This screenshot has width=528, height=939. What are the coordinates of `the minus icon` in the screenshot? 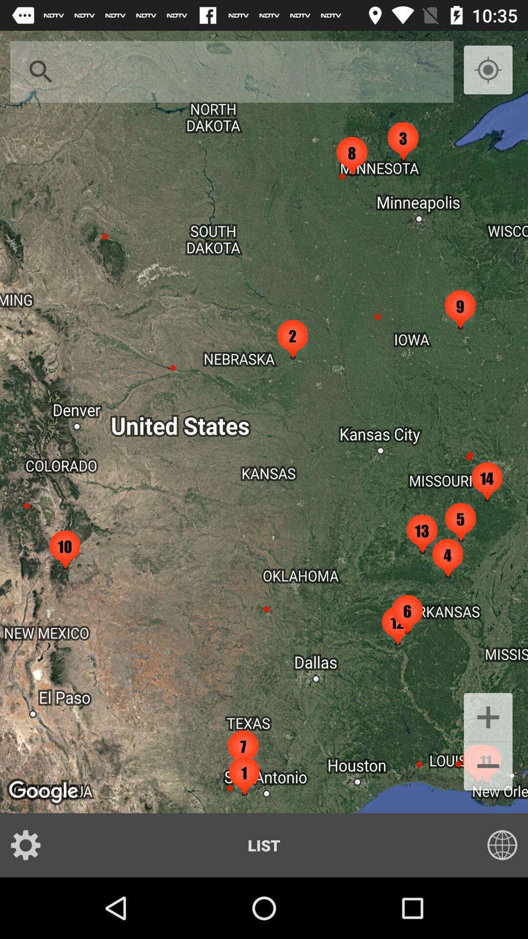 It's located at (488, 767).